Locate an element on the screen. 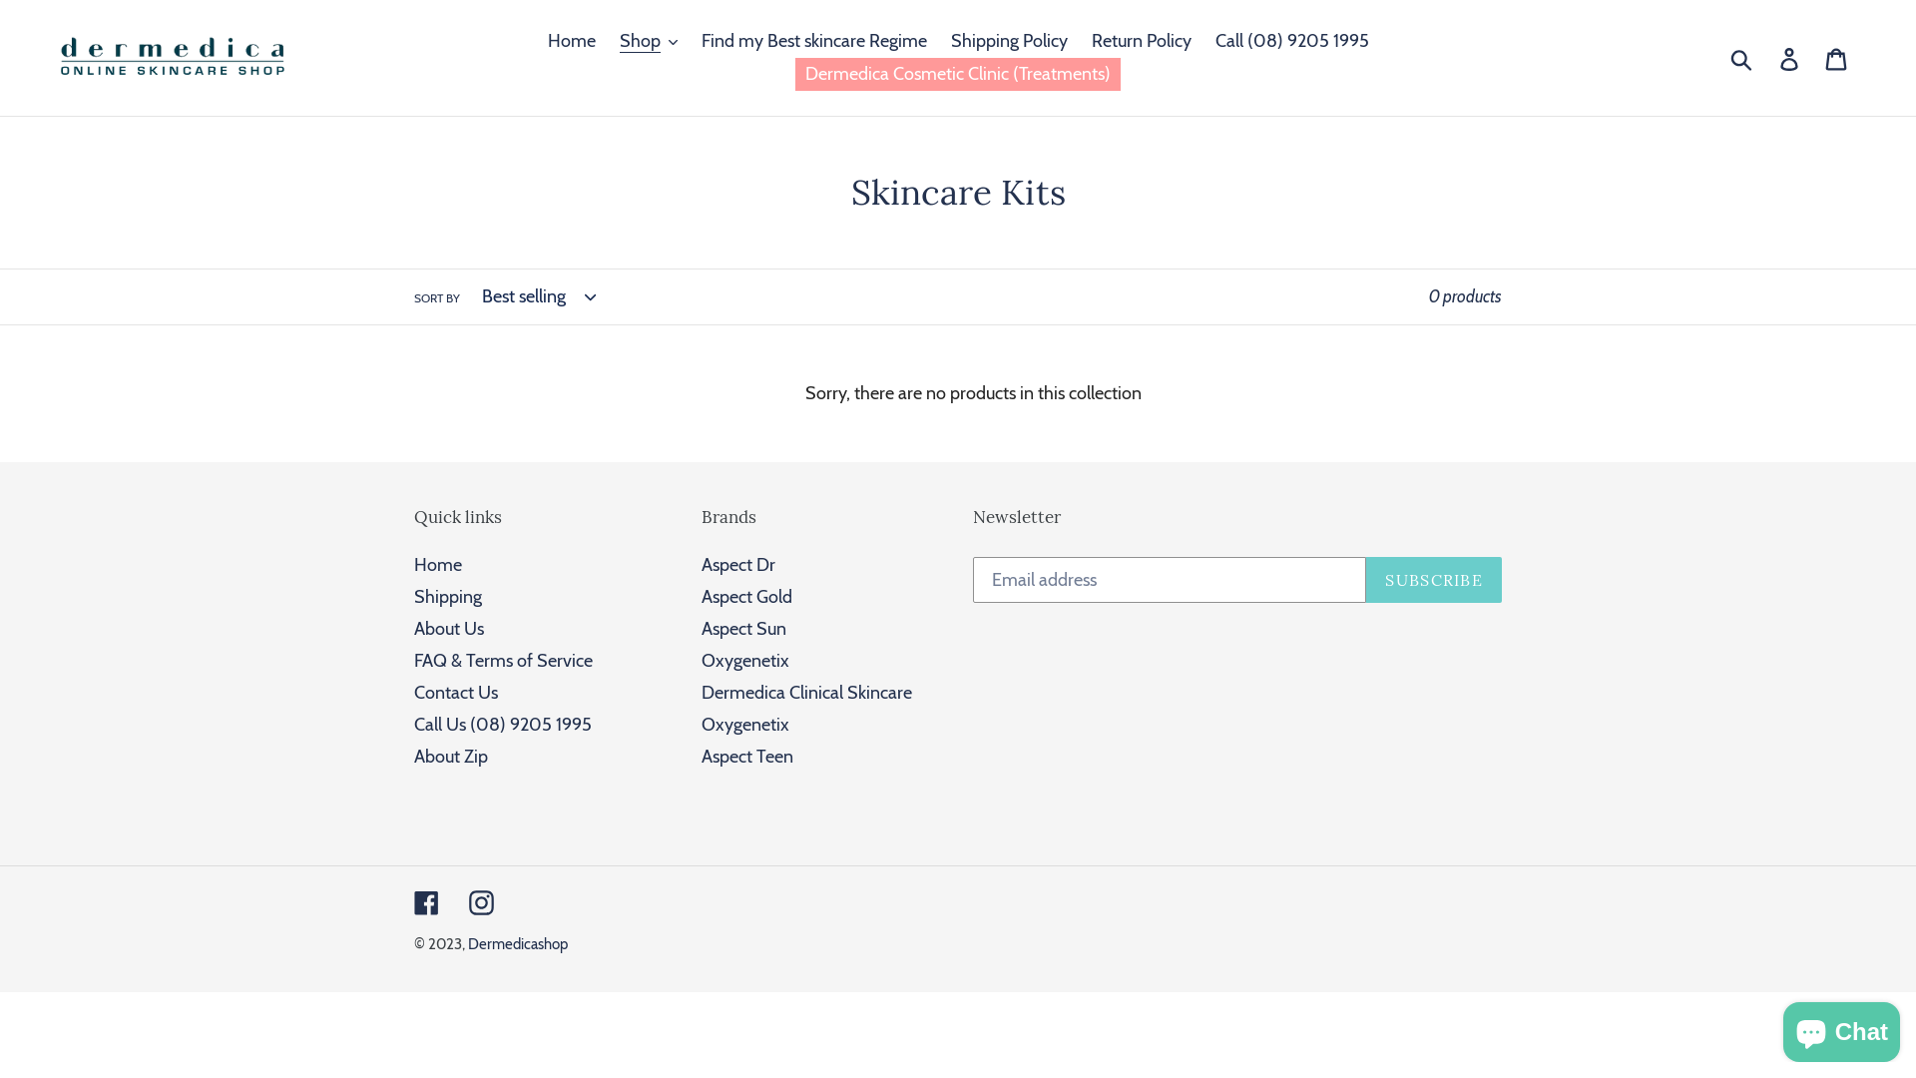 This screenshot has width=1916, height=1078. 'Contact Us' is located at coordinates (454, 692).